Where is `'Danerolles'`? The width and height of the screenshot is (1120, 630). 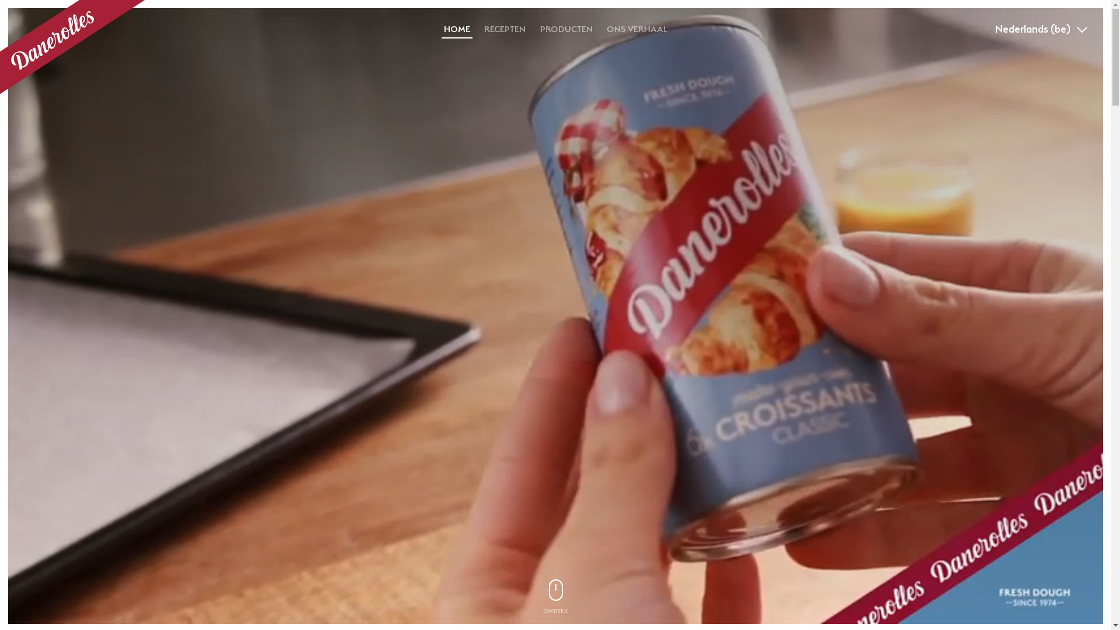
'Danerolles' is located at coordinates (72, 47).